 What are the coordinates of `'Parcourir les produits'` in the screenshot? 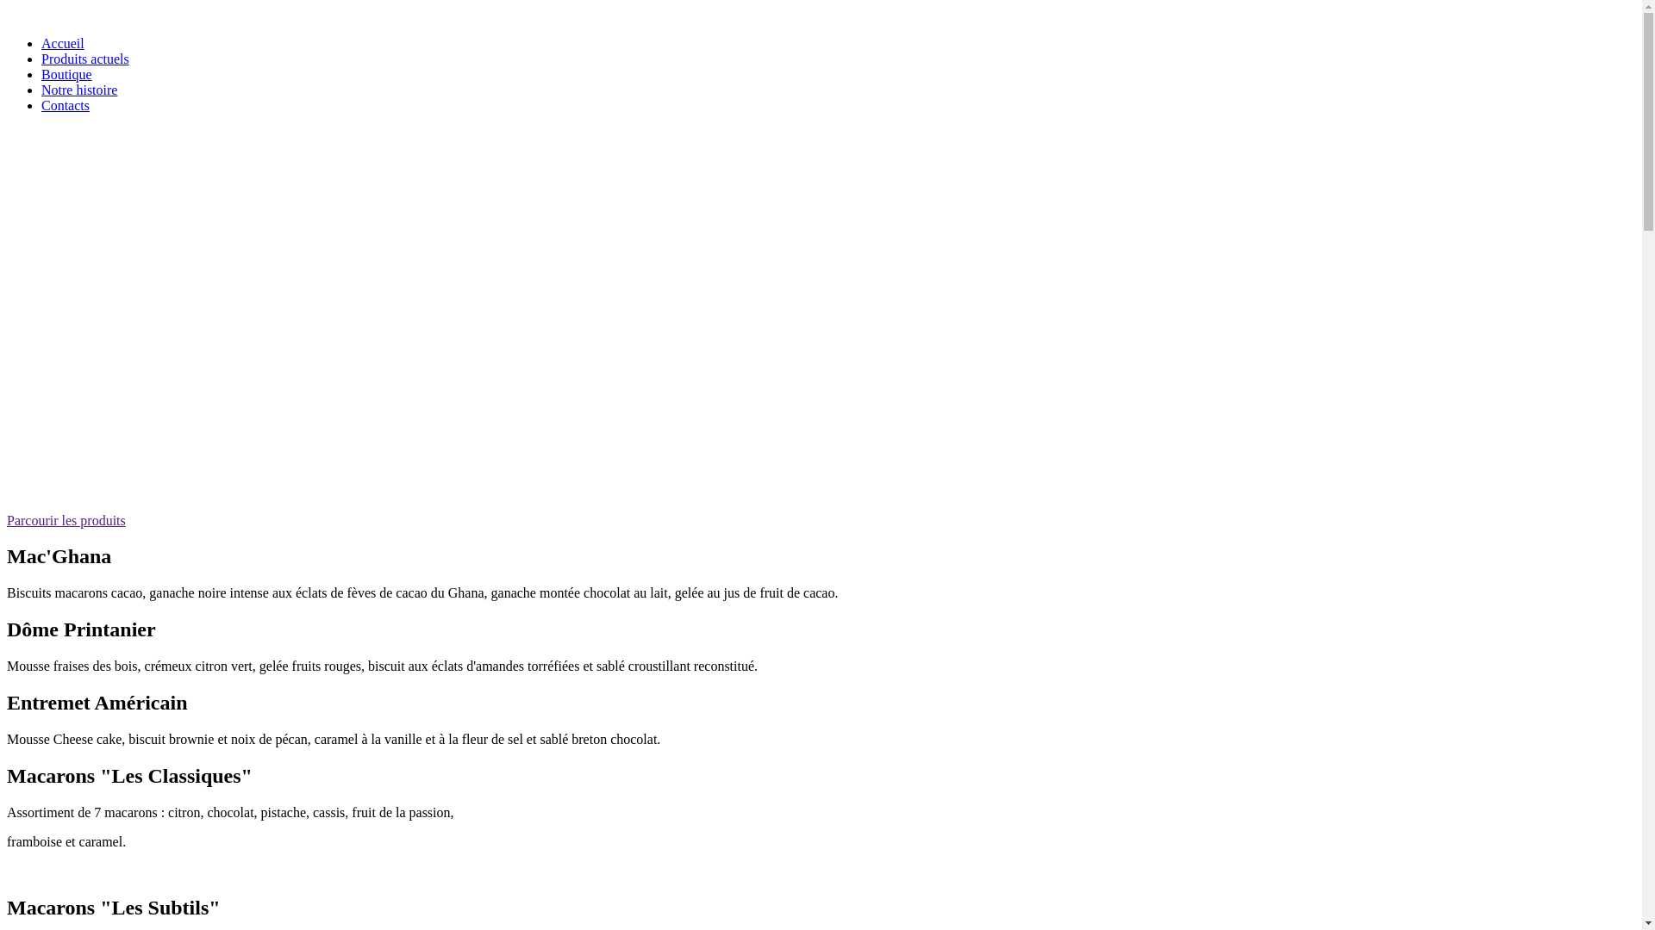 It's located at (66, 519).